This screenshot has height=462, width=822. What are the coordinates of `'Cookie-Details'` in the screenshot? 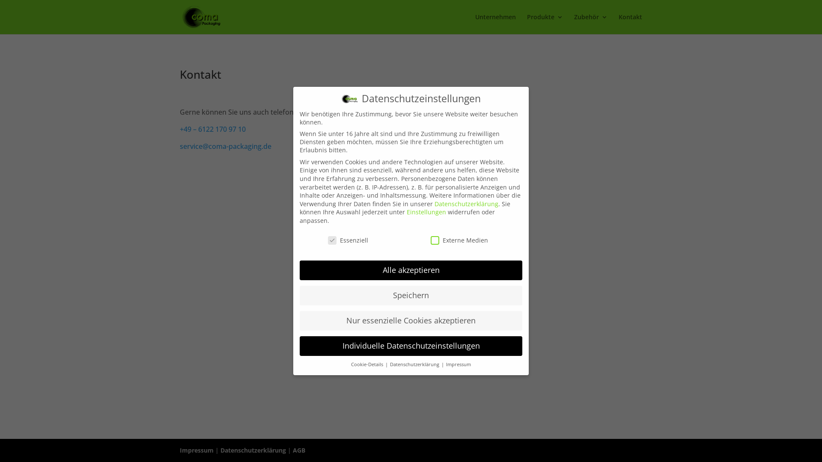 It's located at (351, 364).